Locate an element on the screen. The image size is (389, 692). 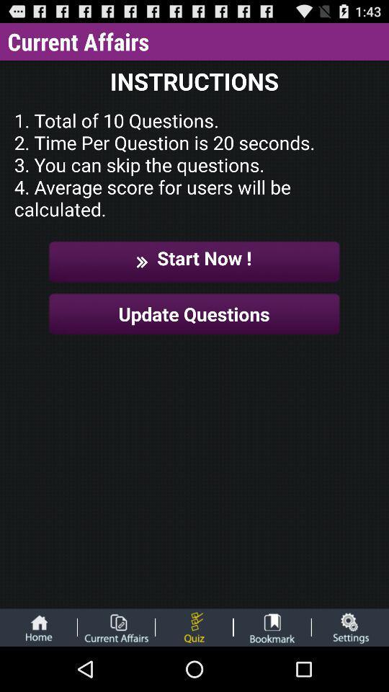
bookmark page is located at coordinates (272, 626).